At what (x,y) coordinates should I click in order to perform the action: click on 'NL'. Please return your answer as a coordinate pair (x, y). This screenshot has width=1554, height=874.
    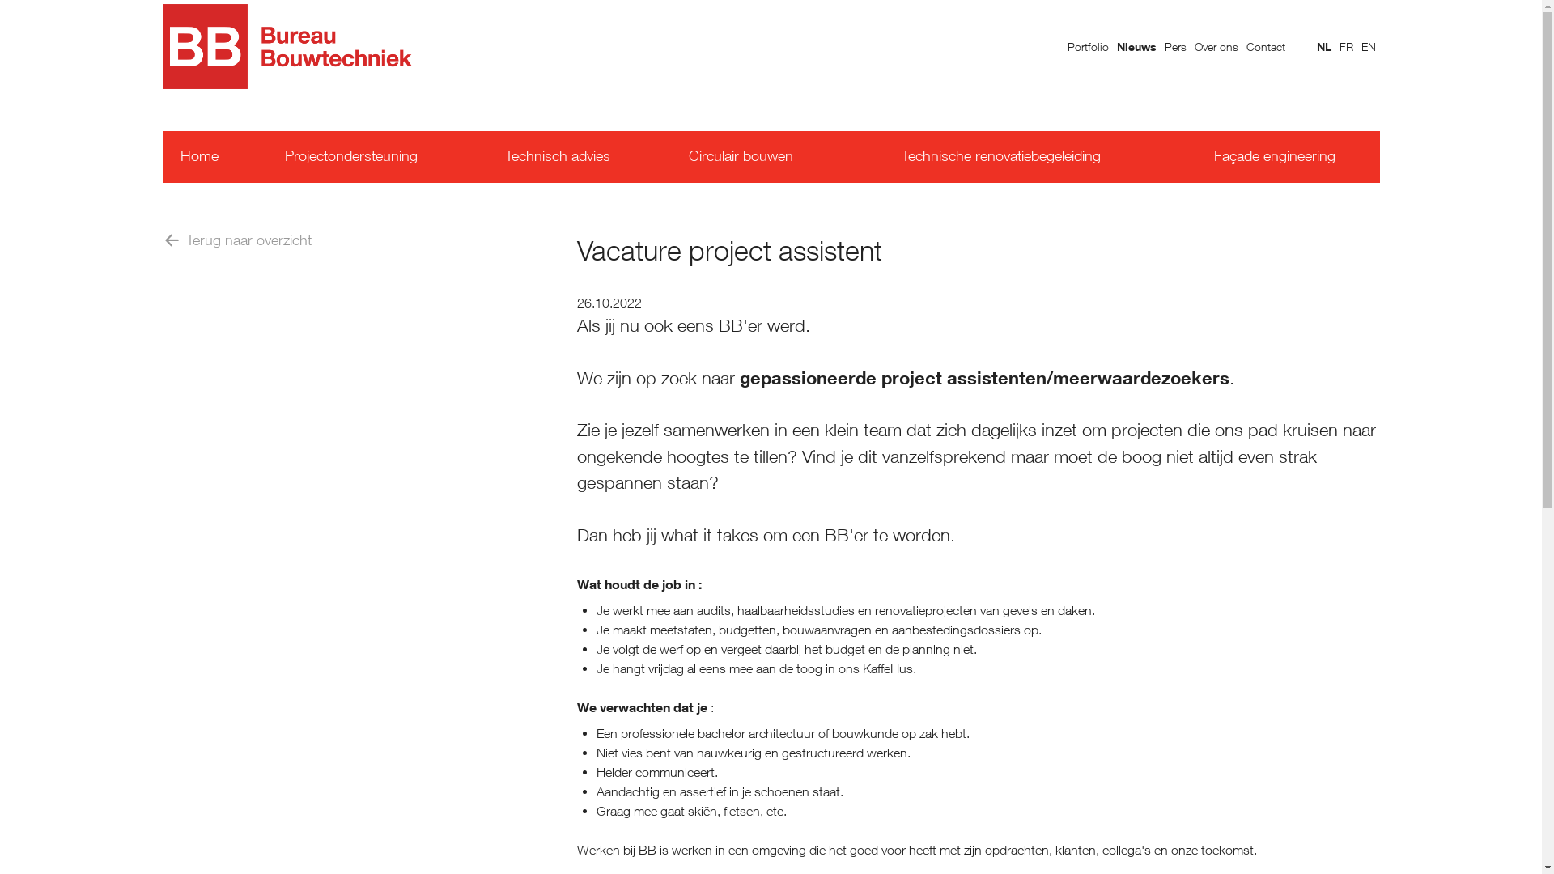
    Looking at the image, I should click on (1324, 45).